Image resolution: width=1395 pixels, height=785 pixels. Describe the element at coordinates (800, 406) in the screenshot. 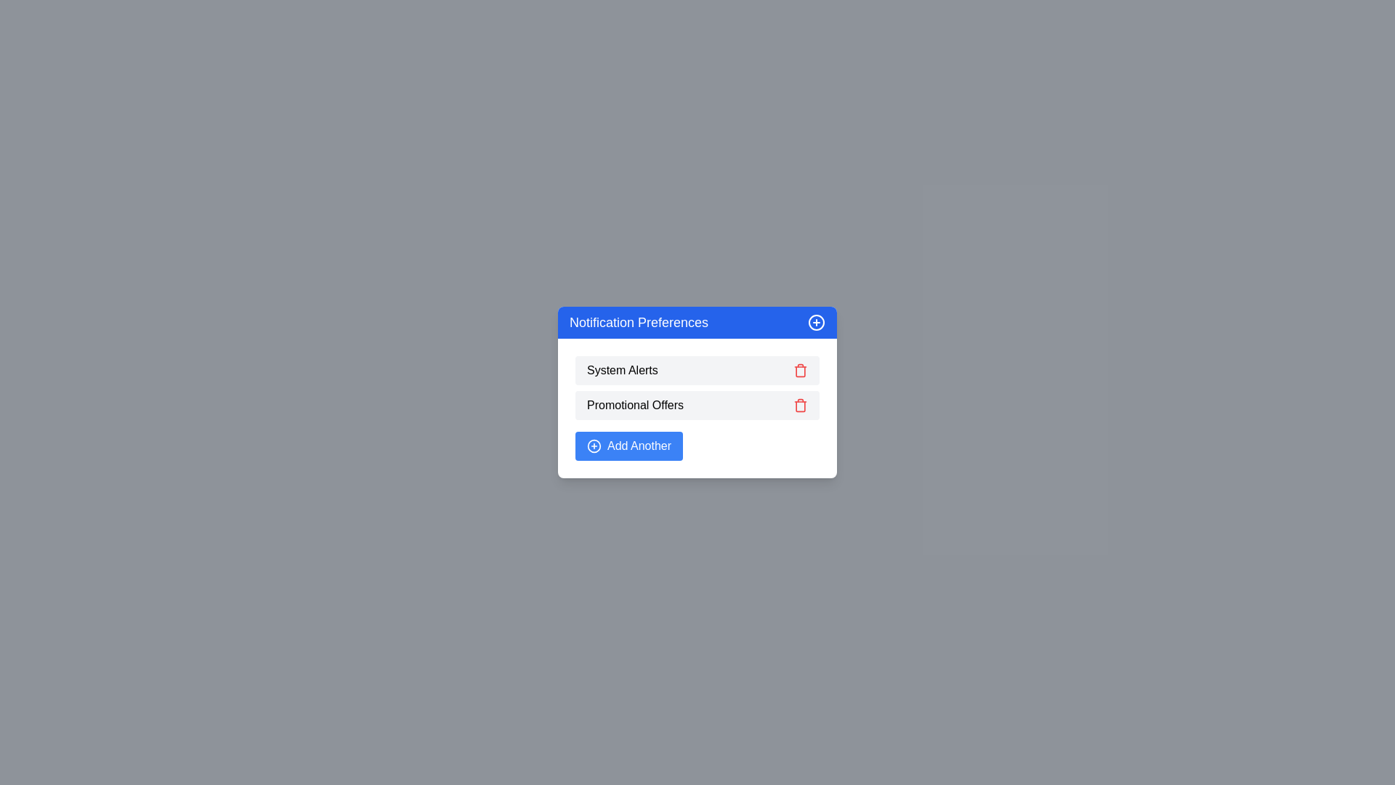

I see `the red trash bin icon button located to the far right of the 'Promotional Offers' text` at that location.